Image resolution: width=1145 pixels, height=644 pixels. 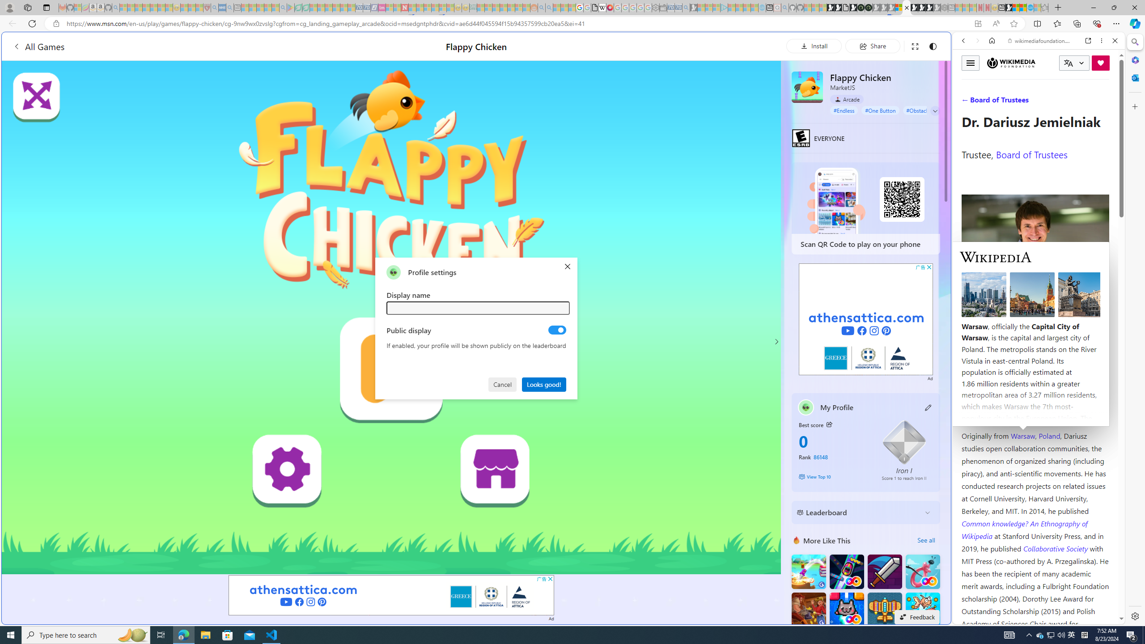 What do you see at coordinates (594, 7) in the screenshot?
I see `'google_privacy_policy_zh-CN.pdf'` at bounding box center [594, 7].